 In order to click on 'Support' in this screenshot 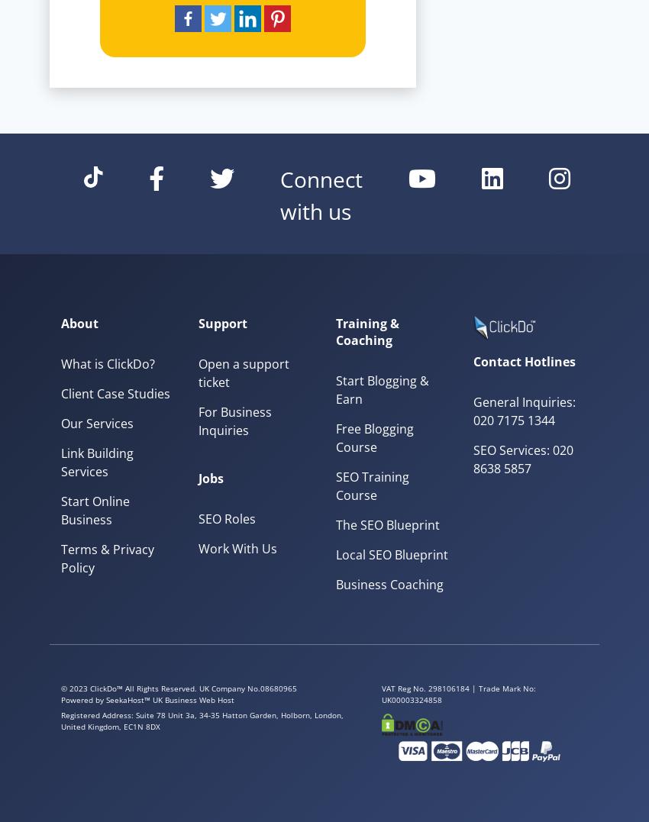, I will do `click(221, 322)`.